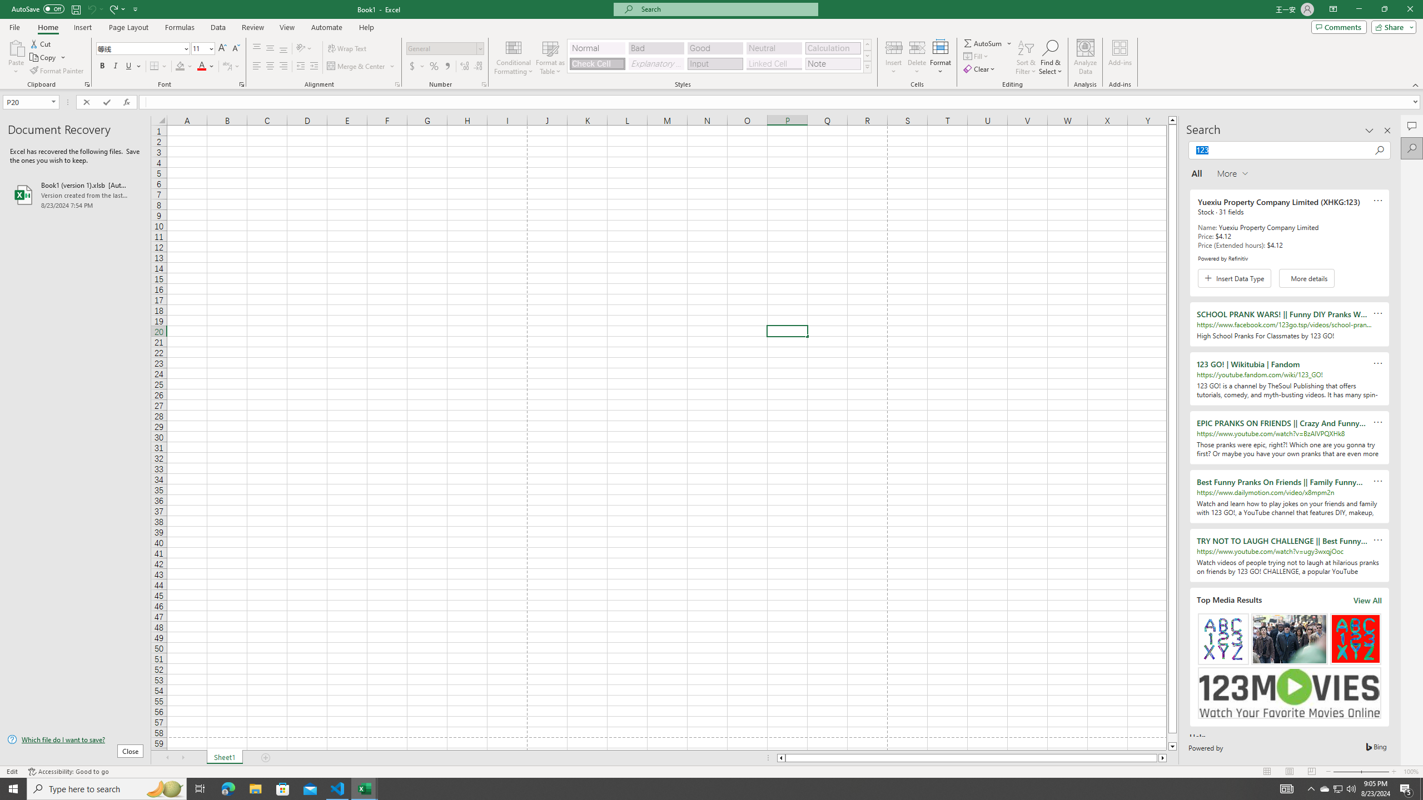 The width and height of the screenshot is (1423, 800). What do you see at coordinates (1172, 738) in the screenshot?
I see `'Page down'` at bounding box center [1172, 738].